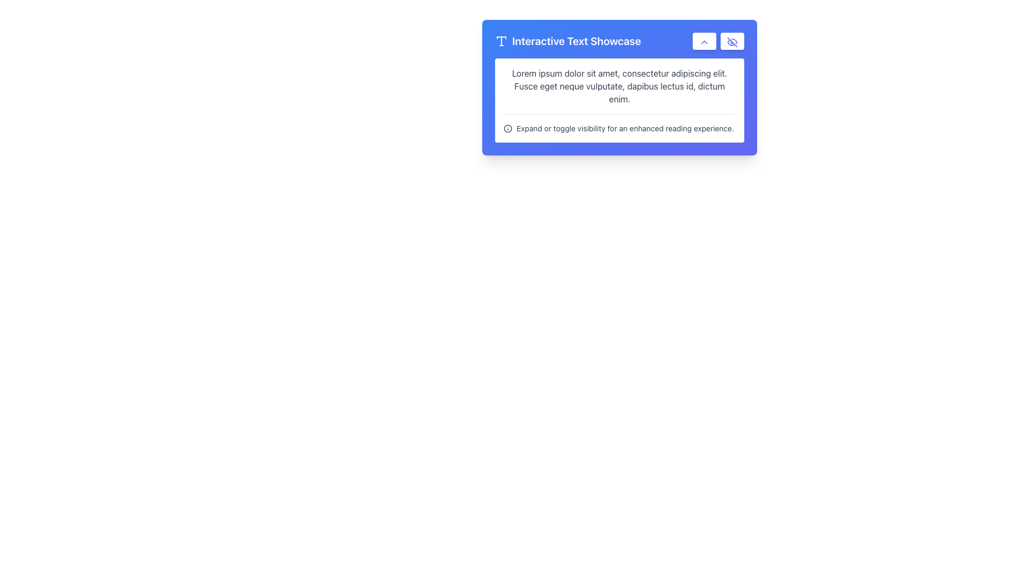 The image size is (1031, 579). I want to click on the 'Interactive Text Showcase' text label, which is a bold white font against a blue-to-indigo gradient background, located at the top-middle of the interface, so click(619, 41).